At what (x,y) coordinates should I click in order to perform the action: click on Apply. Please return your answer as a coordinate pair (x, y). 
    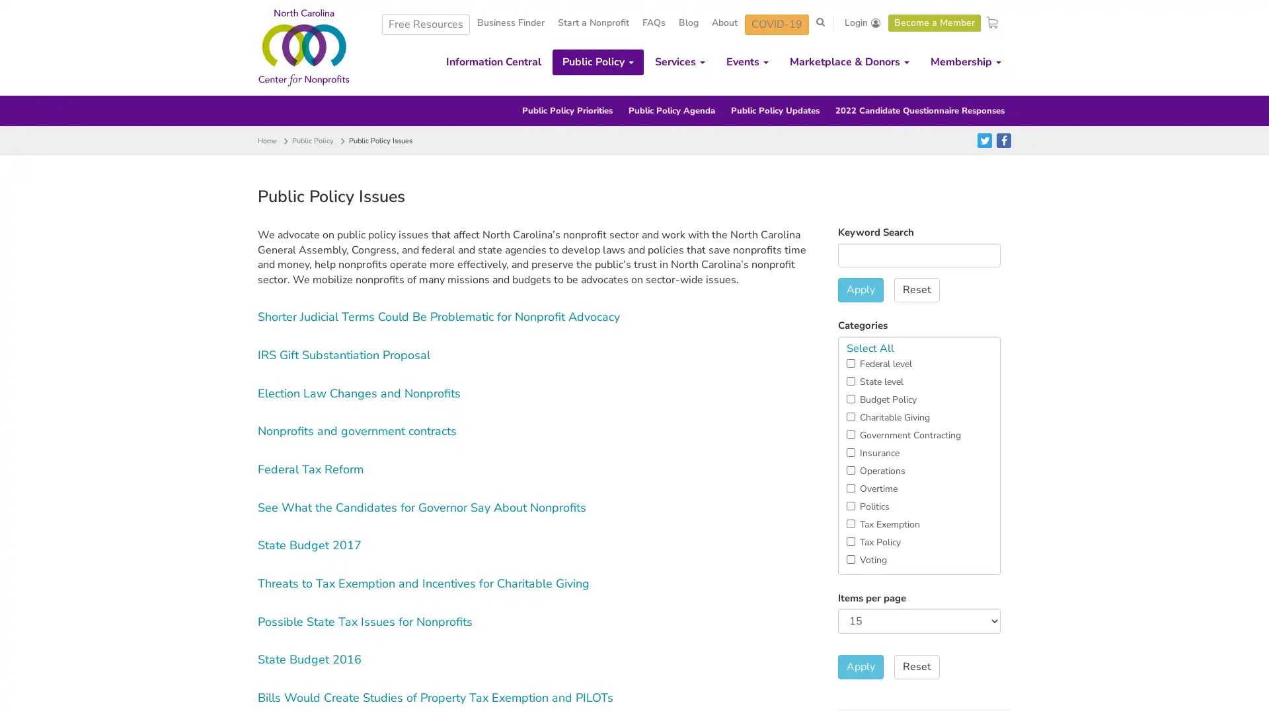
    Looking at the image, I should click on (860, 289).